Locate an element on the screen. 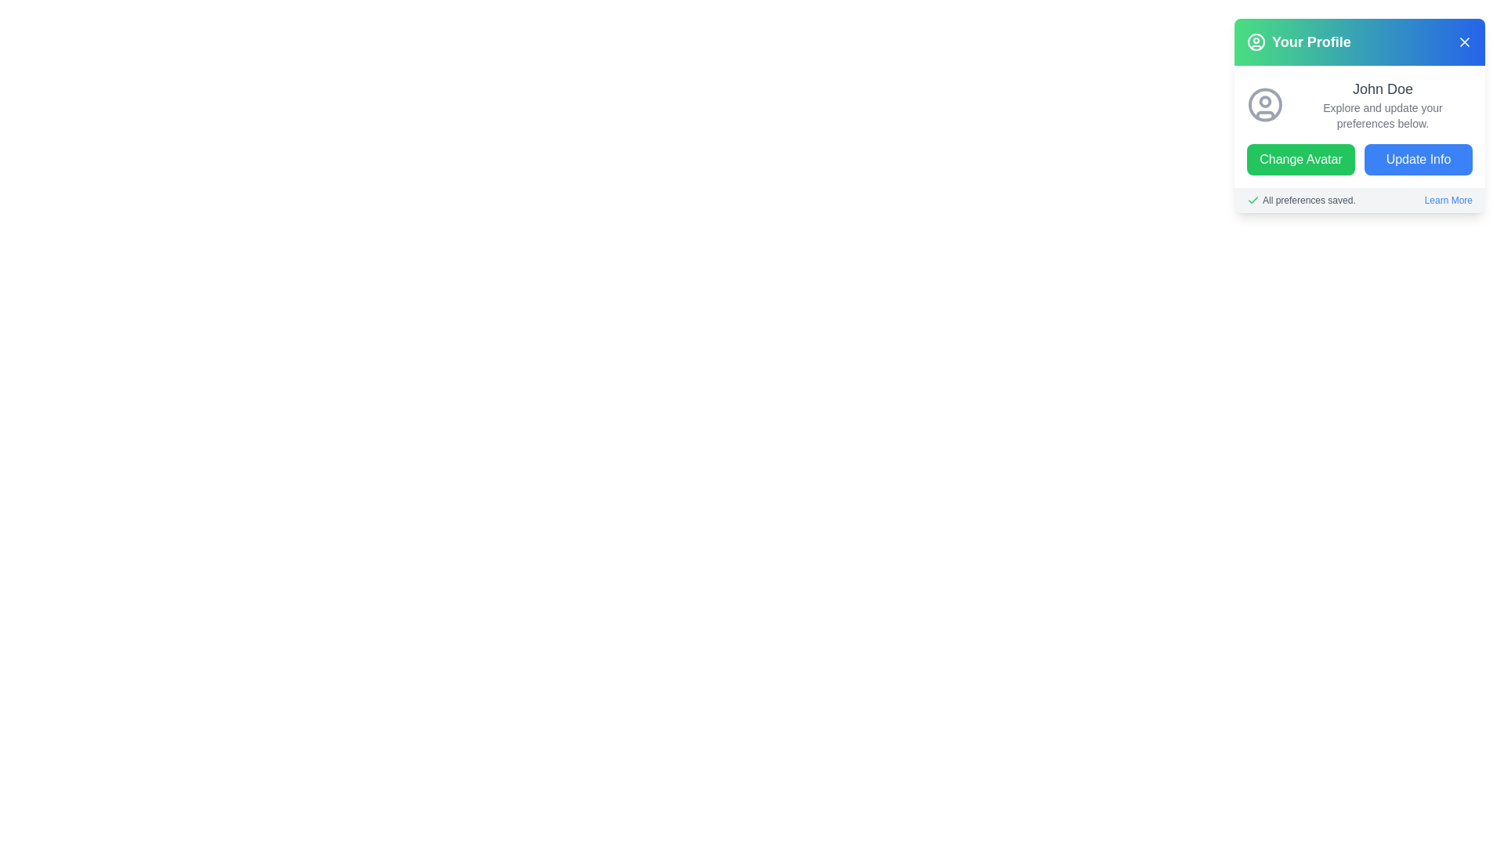 The height and width of the screenshot is (846, 1504). the close button located in the top-right corner of the modal dialog, adjacent to the 'Your Profile' text is located at coordinates (1464, 42).